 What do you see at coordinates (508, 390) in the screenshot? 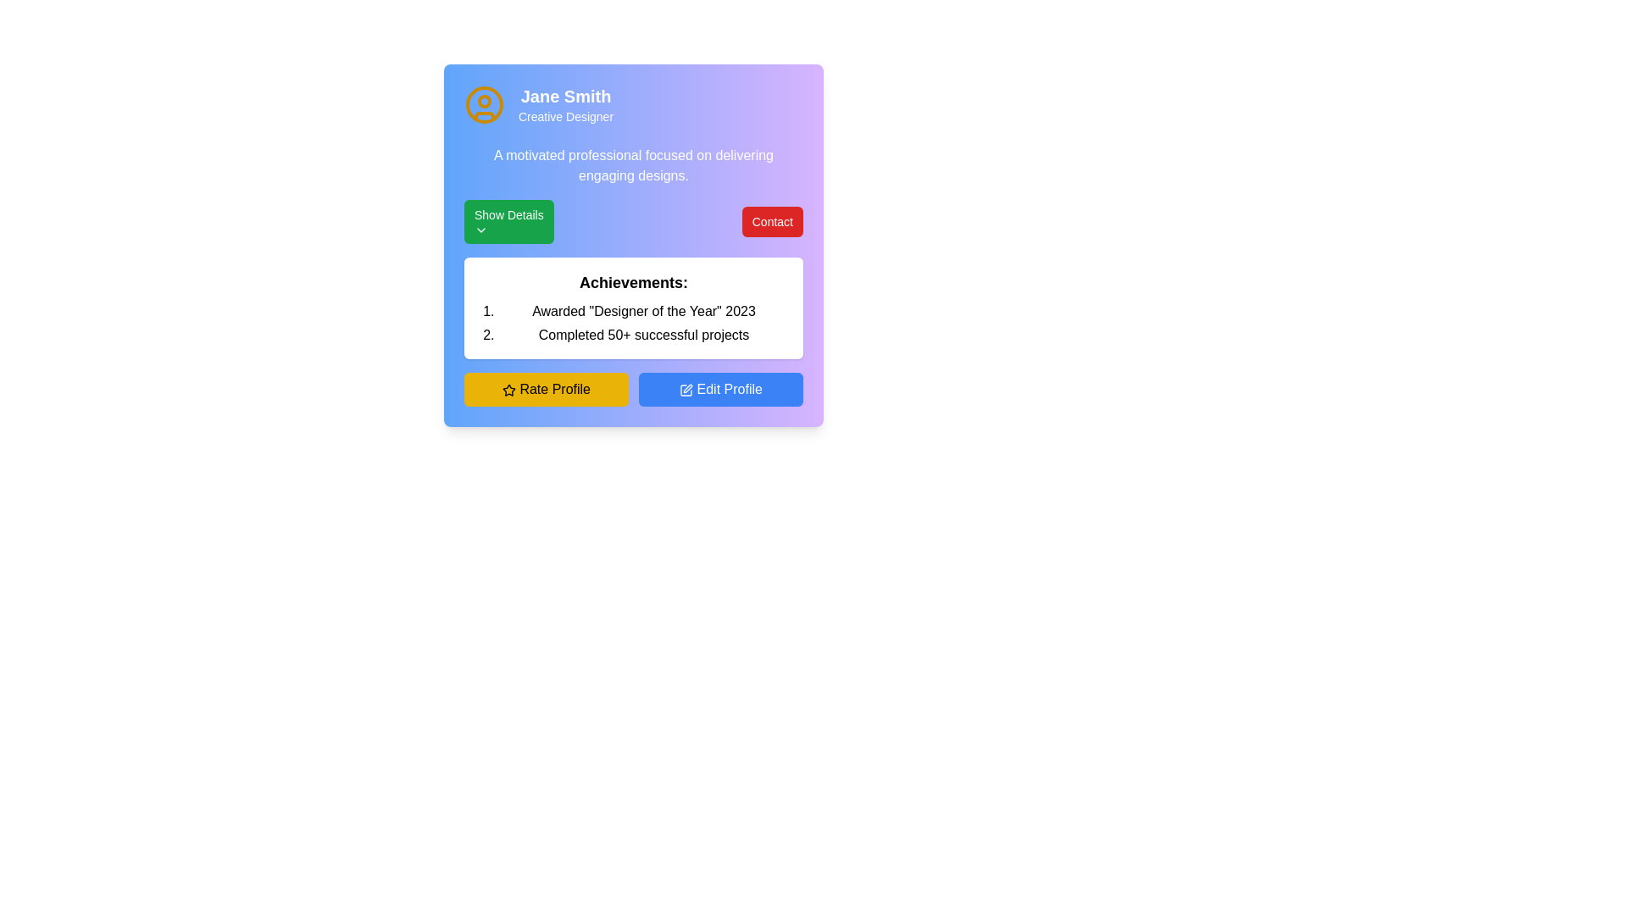
I see `the yellow star icon embedded in the 'Rate Profile' button located at the lower-left area of the profile card` at bounding box center [508, 390].